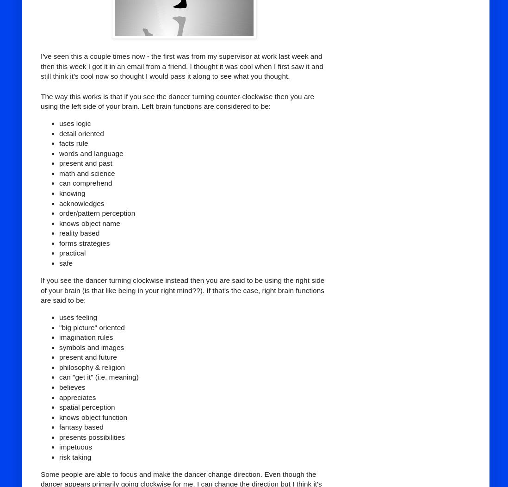  I want to click on 'philosophy & religion', so click(91, 367).